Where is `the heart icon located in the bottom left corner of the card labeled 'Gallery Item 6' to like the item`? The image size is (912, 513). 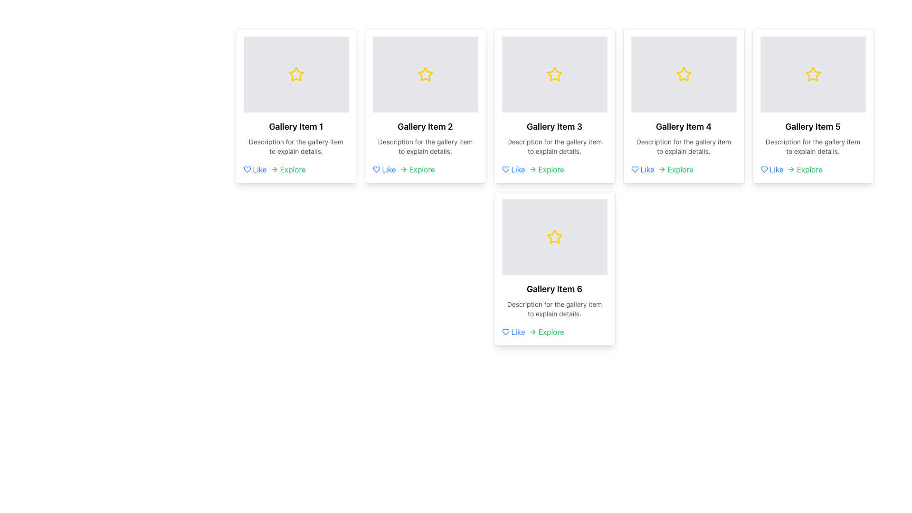
the heart icon located in the bottom left corner of the card labeled 'Gallery Item 6' to like the item is located at coordinates (505, 331).